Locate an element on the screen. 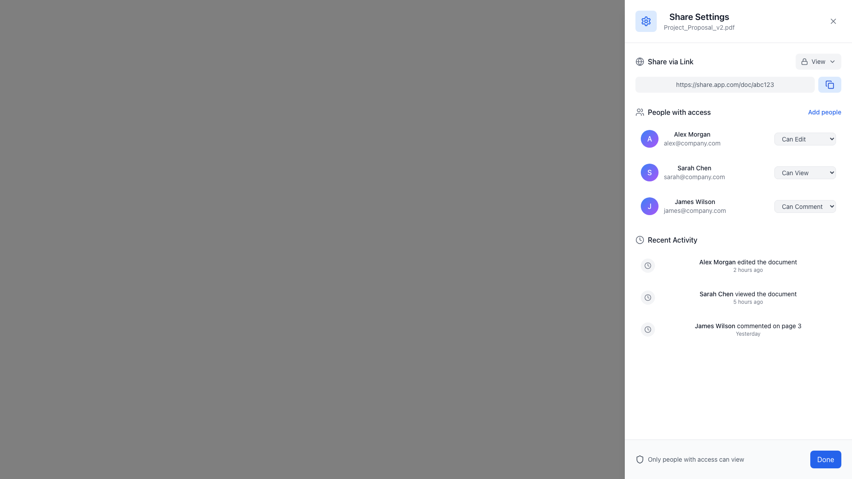 Image resolution: width=852 pixels, height=479 pixels. the close or cancel SVG Icon located in the top-right corner of the sidebar, next to the 'Share Settings' header is located at coordinates (832, 20).